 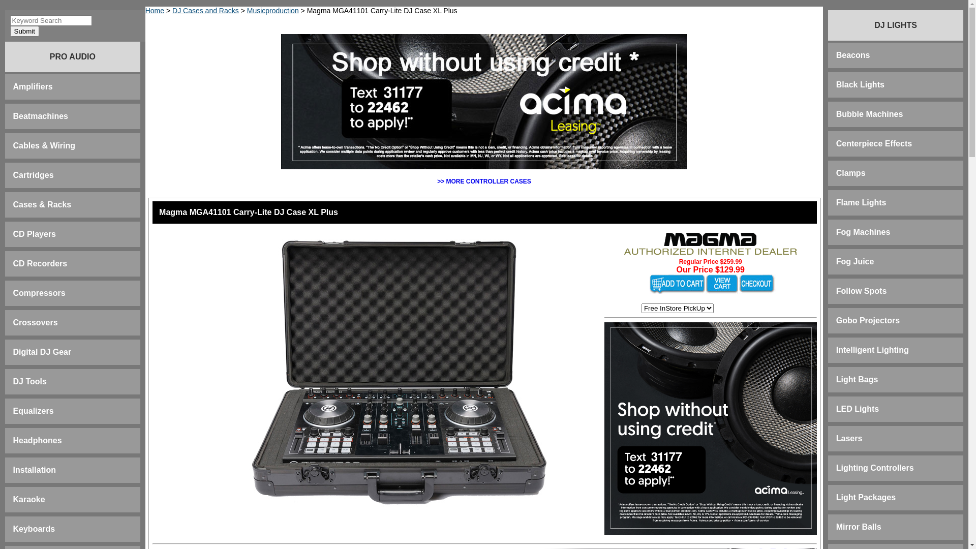 I want to click on 'Fog Juice', so click(x=855, y=261).